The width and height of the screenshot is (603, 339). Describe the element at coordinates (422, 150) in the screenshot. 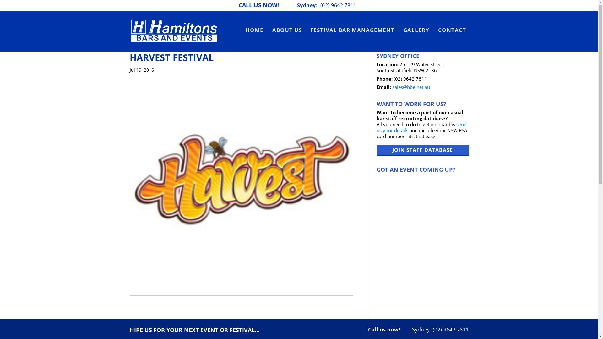

I see `'JOIN STAFF DATABASE'` at that location.